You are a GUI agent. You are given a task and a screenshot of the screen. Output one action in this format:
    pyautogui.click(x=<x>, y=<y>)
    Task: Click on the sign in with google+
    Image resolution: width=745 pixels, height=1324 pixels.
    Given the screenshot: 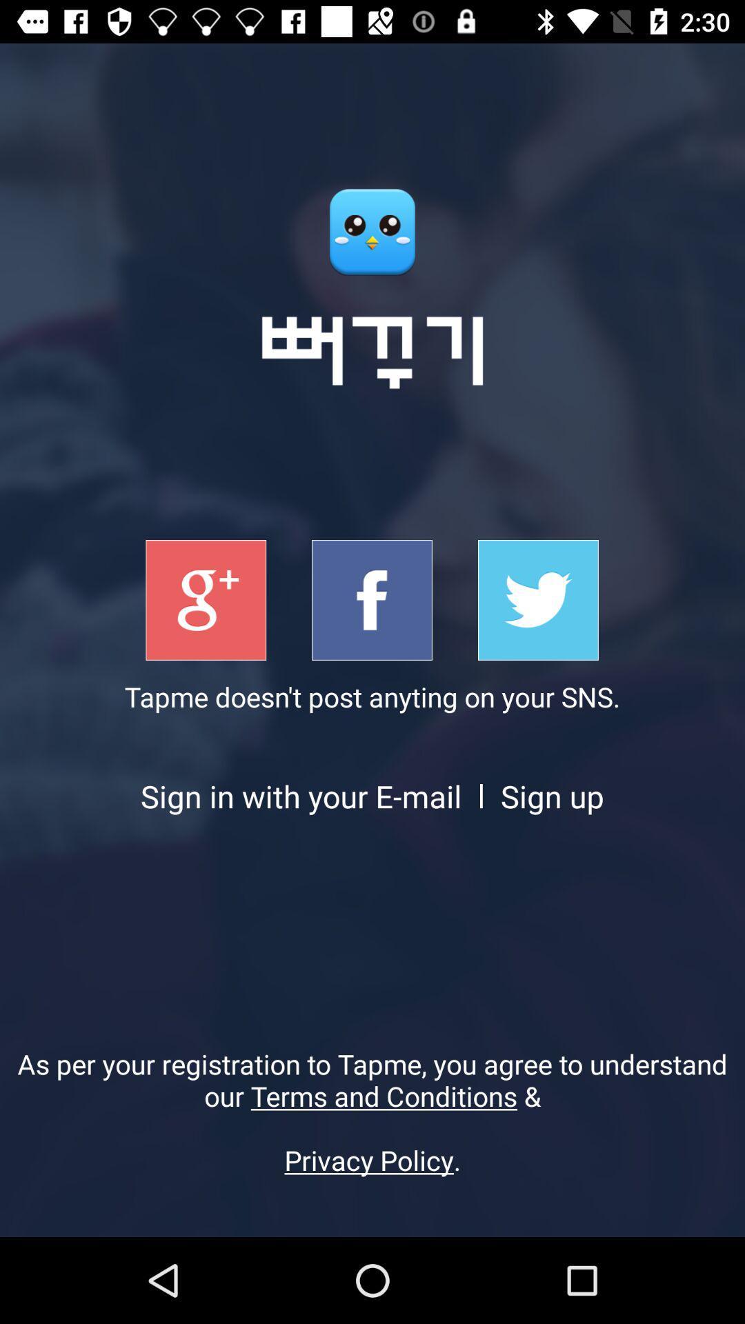 What is the action you would take?
    pyautogui.click(x=206, y=600)
    